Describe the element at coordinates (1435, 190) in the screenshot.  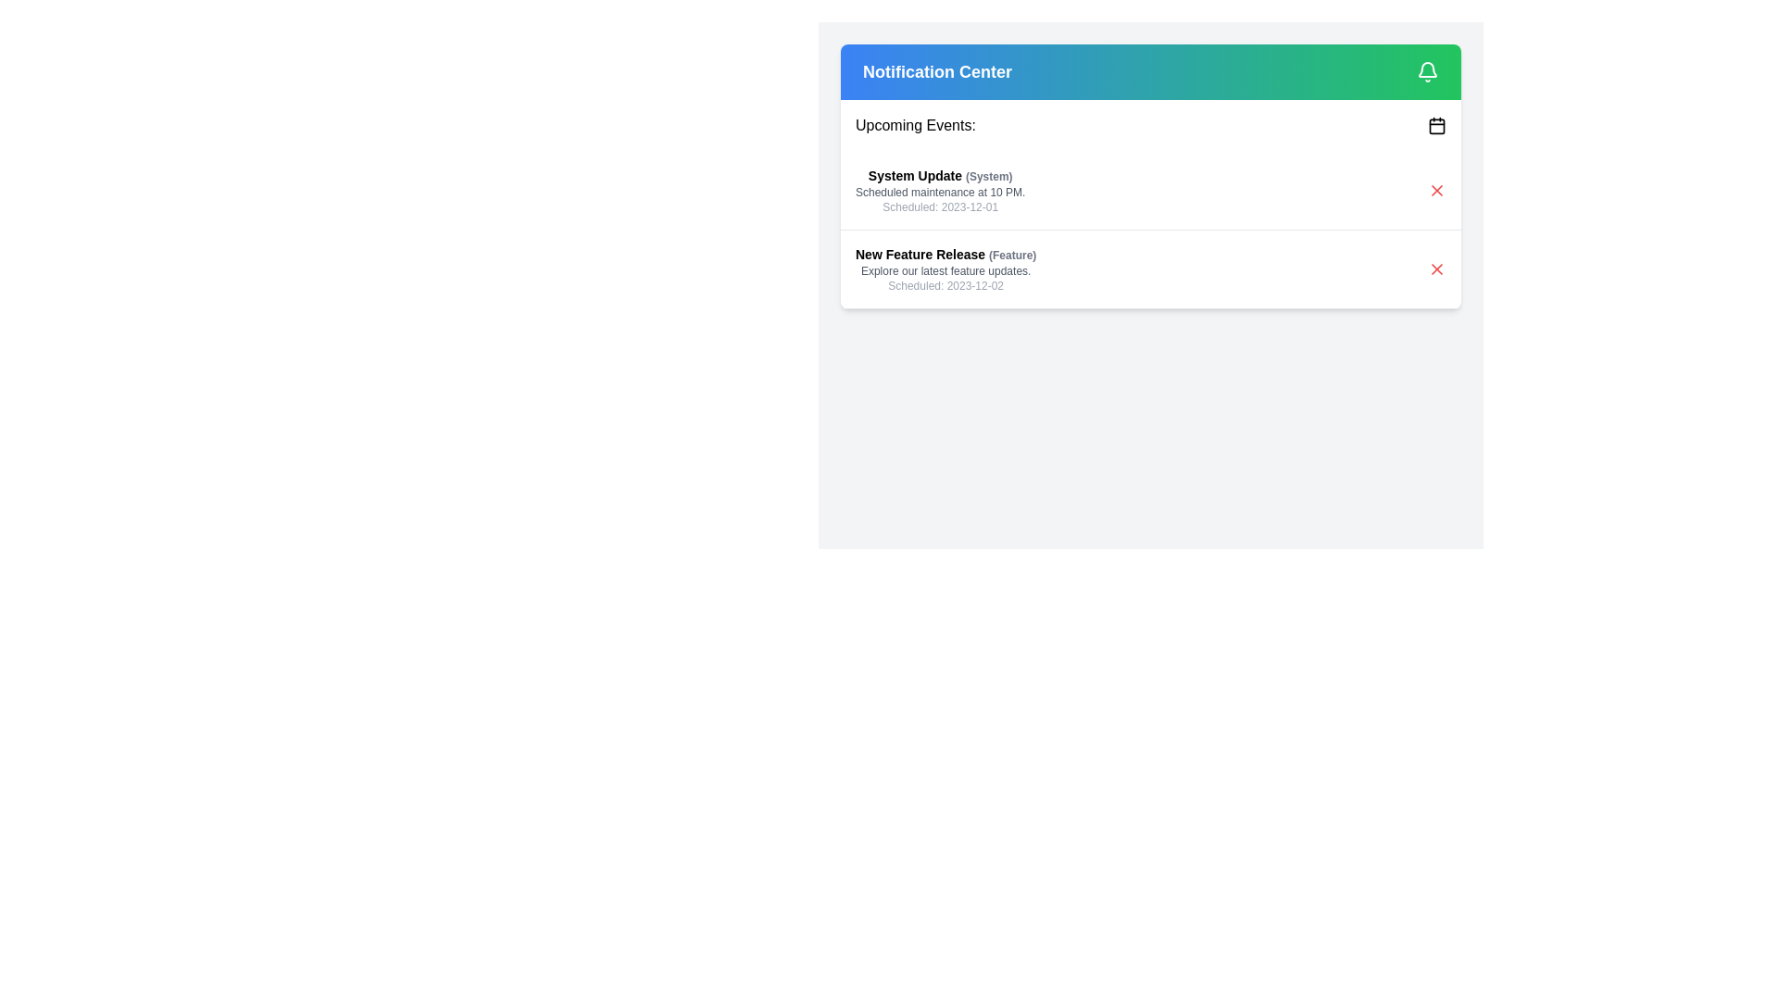
I see `the dismiss button located in the upper-right corner of the 'System Update (System)' notification box` at that location.